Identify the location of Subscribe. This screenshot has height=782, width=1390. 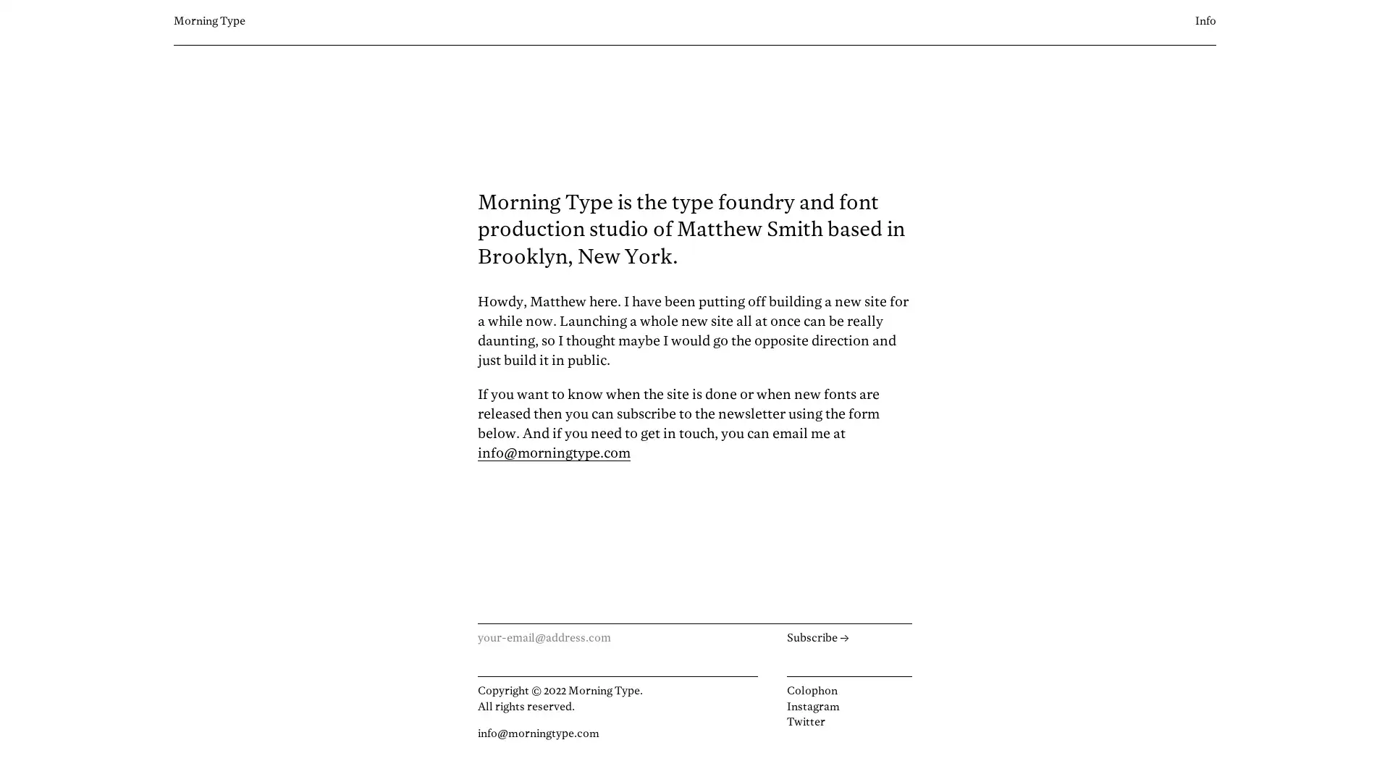
(848, 638).